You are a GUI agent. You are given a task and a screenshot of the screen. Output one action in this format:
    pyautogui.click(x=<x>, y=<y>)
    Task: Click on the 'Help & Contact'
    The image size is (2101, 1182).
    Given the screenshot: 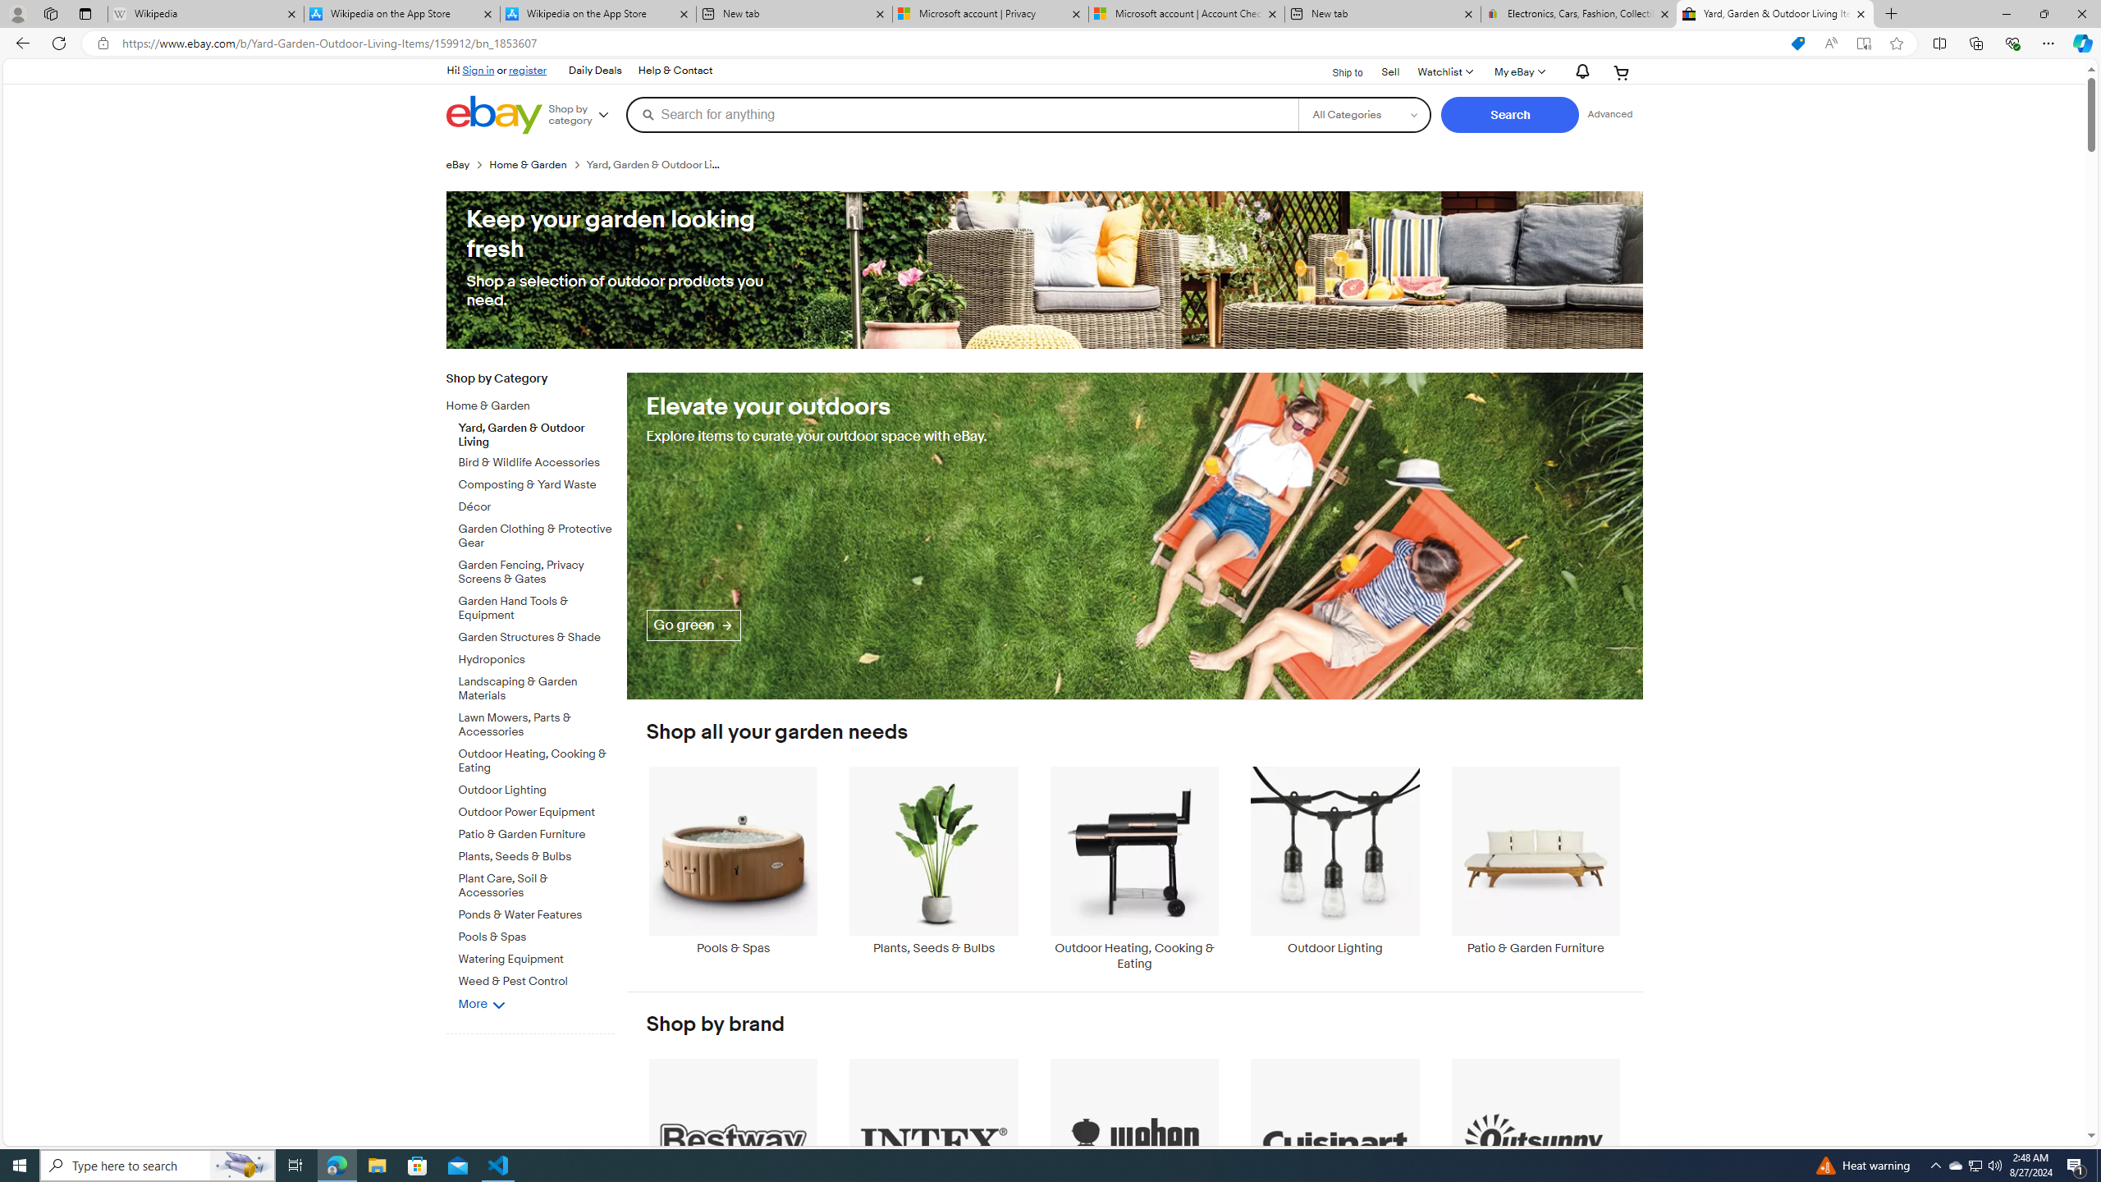 What is the action you would take?
    pyautogui.click(x=675, y=71)
    